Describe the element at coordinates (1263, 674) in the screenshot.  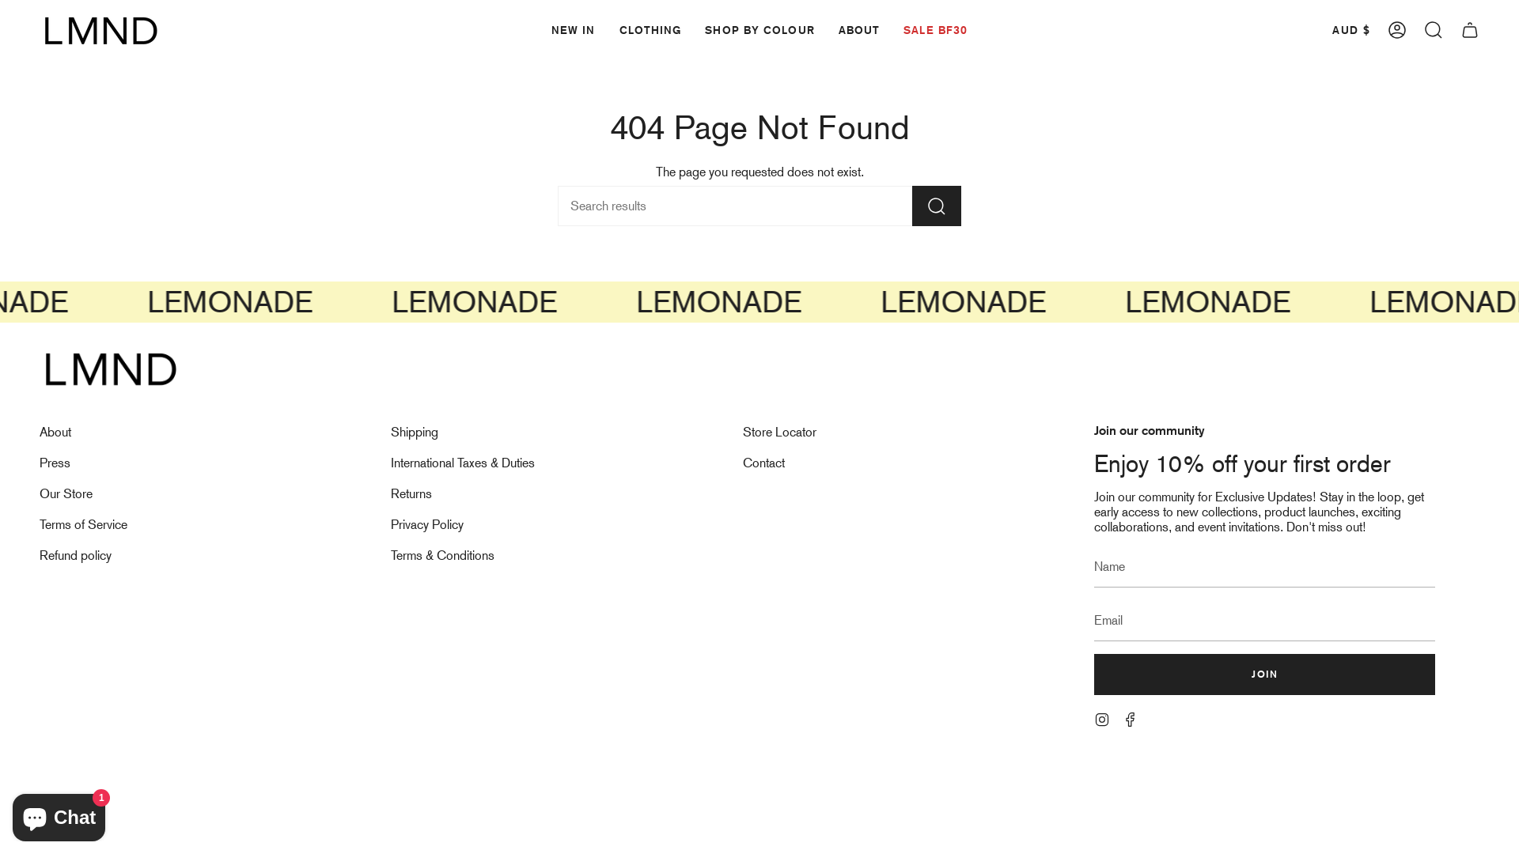
I see `'JOIN'` at that location.